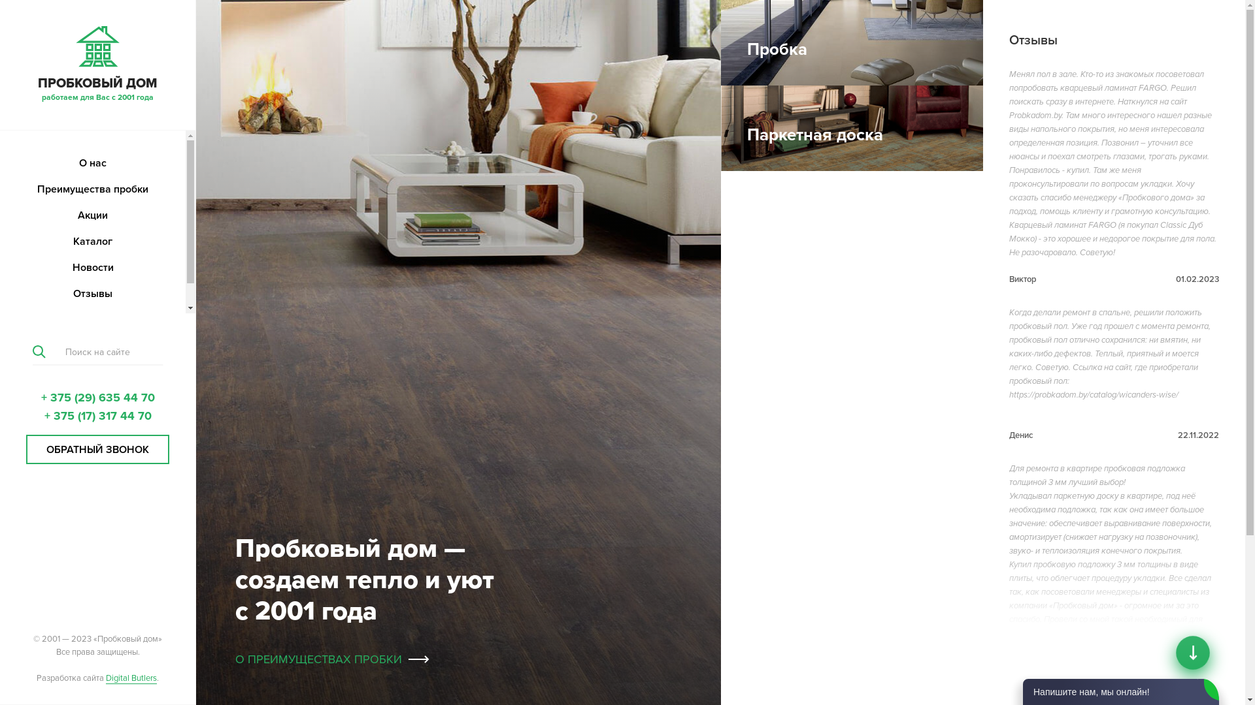  Describe the element at coordinates (97, 415) in the screenshot. I see `'+ 375 (17) 317 44 70'` at that location.